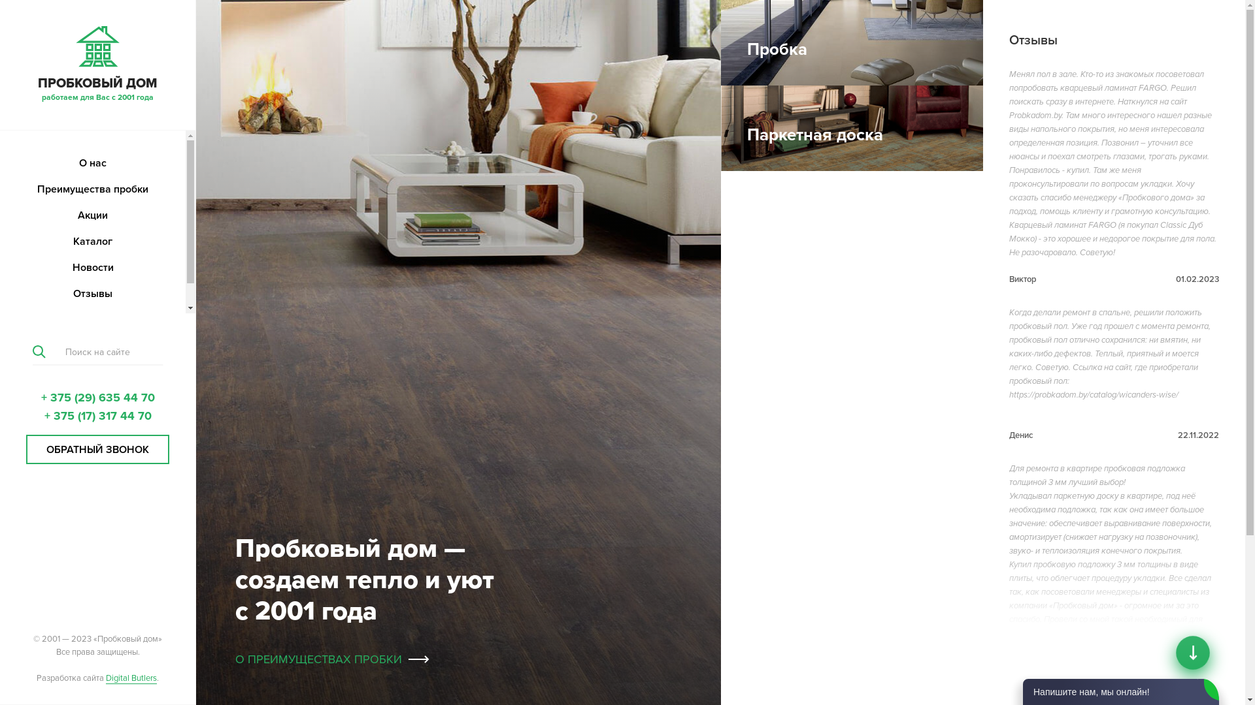  Describe the element at coordinates (97, 415) in the screenshot. I see `'+ 375 (17) 317 44 70'` at that location.